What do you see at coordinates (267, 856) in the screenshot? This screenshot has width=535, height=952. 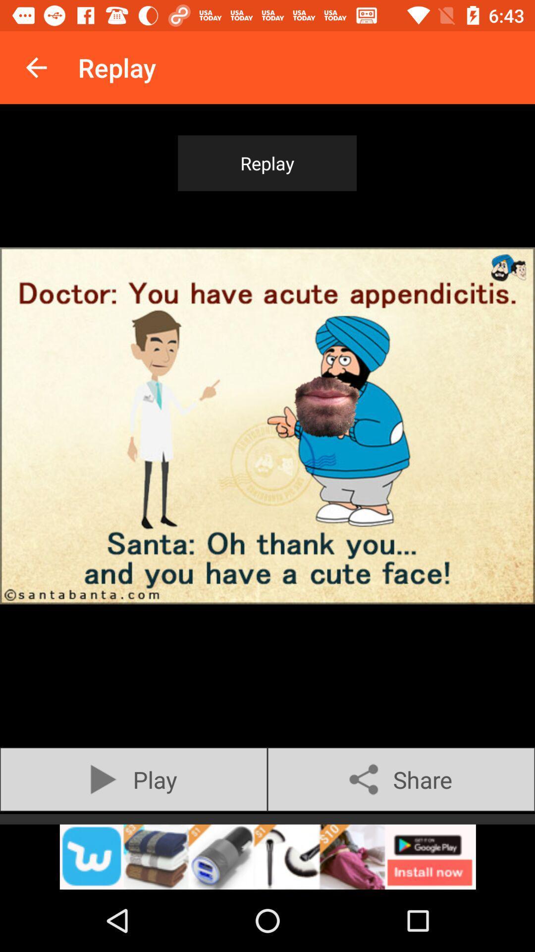 I see `open webpage of displayed advertisement` at bounding box center [267, 856].